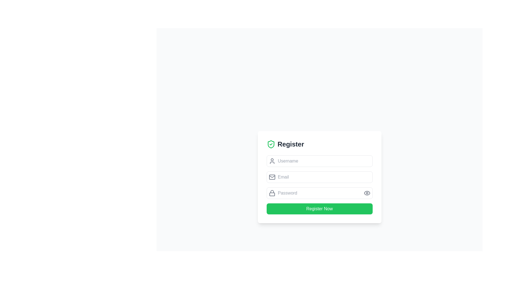  I want to click on the second text input field for email address in the registration form and clear the input by pressing backspace, so click(319, 177).